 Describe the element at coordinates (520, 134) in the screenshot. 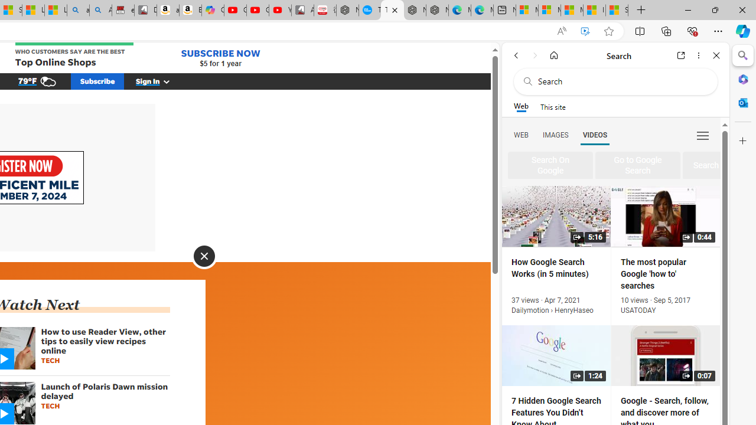

I see `'Search Filter, WEB'` at that location.